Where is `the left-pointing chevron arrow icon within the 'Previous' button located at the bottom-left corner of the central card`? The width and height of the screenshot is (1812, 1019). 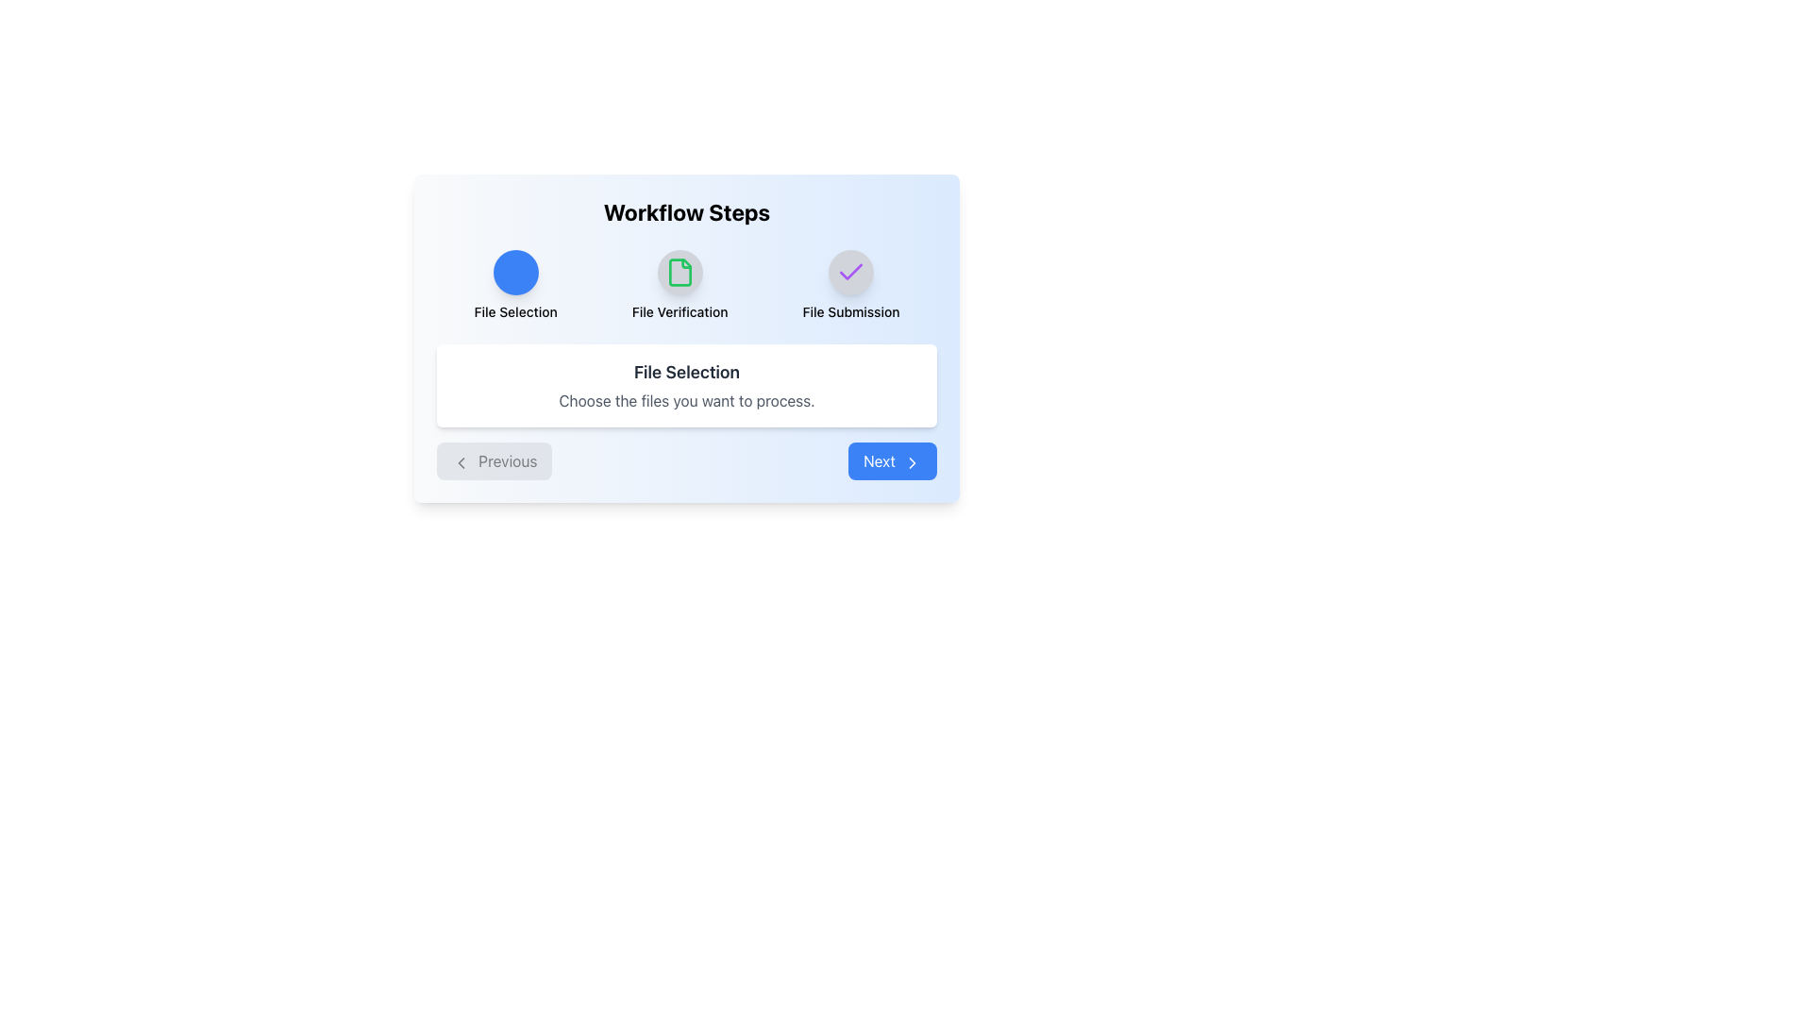
the left-pointing chevron arrow icon within the 'Previous' button located at the bottom-left corner of the central card is located at coordinates (461, 461).